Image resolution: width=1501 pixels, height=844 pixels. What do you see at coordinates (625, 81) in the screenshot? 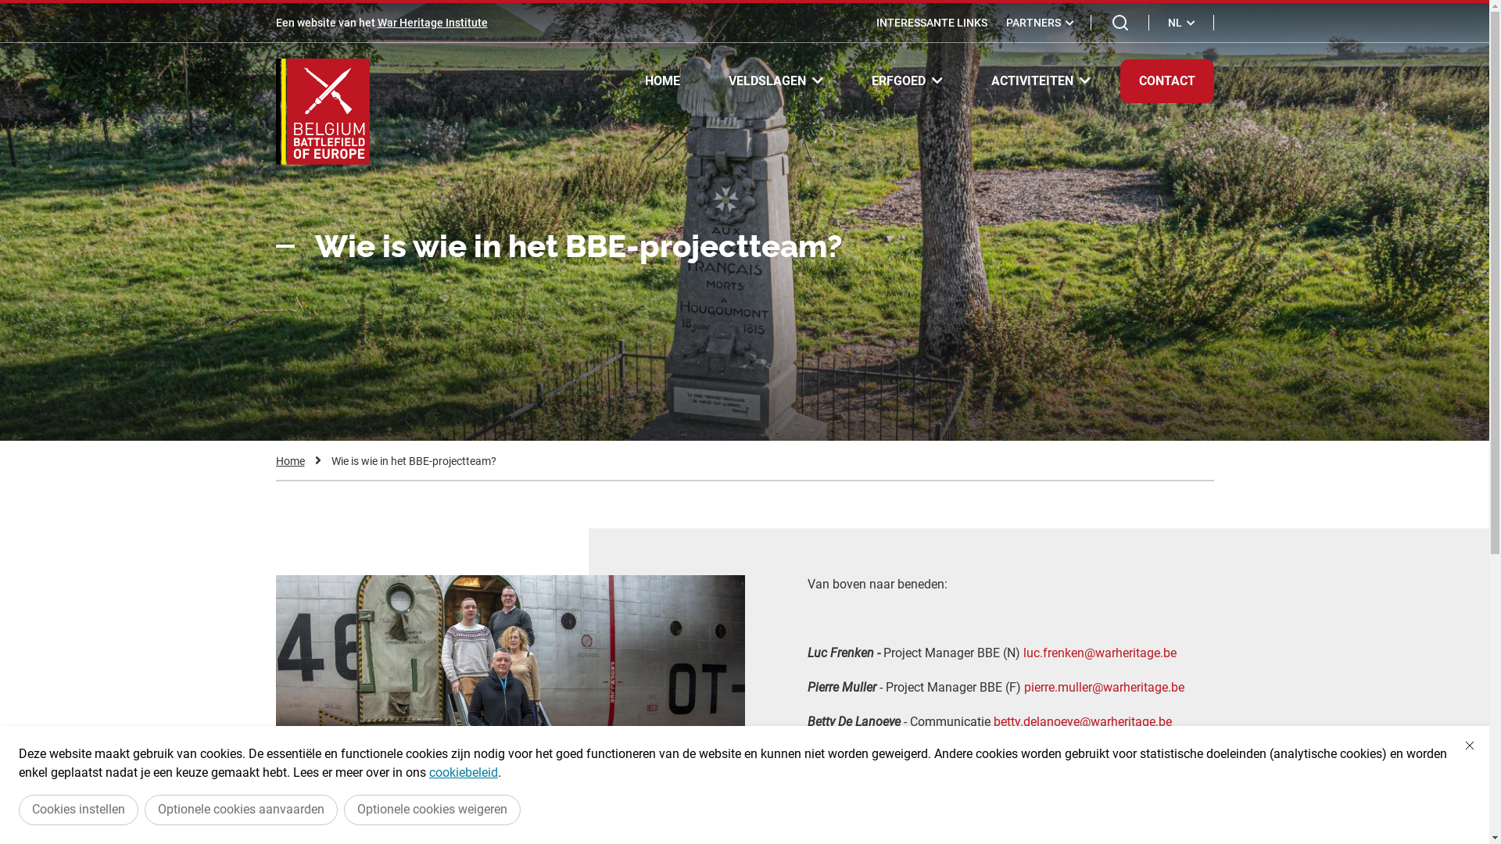
I see `'HOME'` at bounding box center [625, 81].